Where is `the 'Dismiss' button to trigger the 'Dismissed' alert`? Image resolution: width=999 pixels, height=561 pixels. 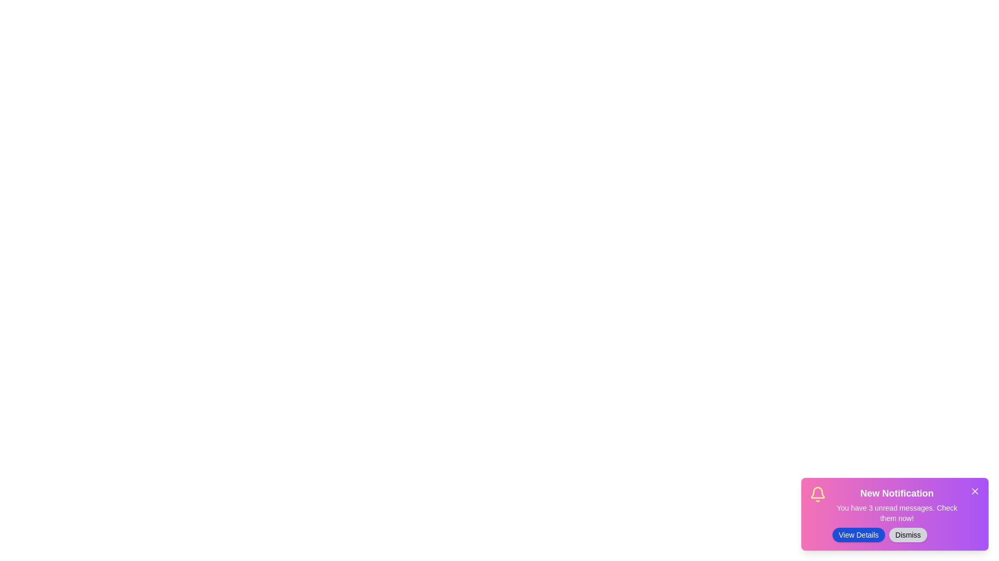
the 'Dismiss' button to trigger the 'Dismissed' alert is located at coordinates (907, 535).